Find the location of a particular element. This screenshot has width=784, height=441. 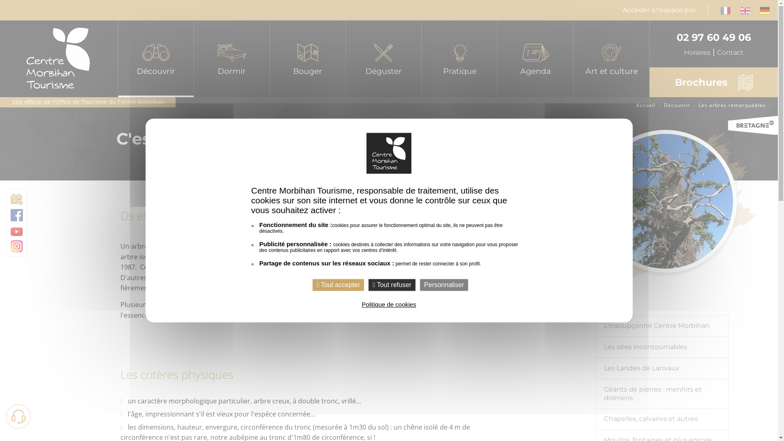

'Art et culture' is located at coordinates (611, 58).